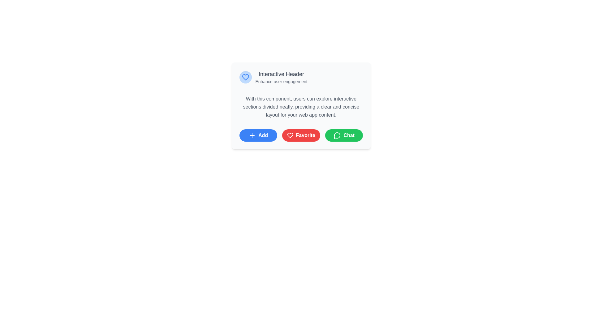 The width and height of the screenshot is (594, 334). What do you see at coordinates (252, 135) in the screenshot?
I see `the small 'plus' icon located inside the blue 'Add' button, positioned to the left of the text 'Add'` at bounding box center [252, 135].